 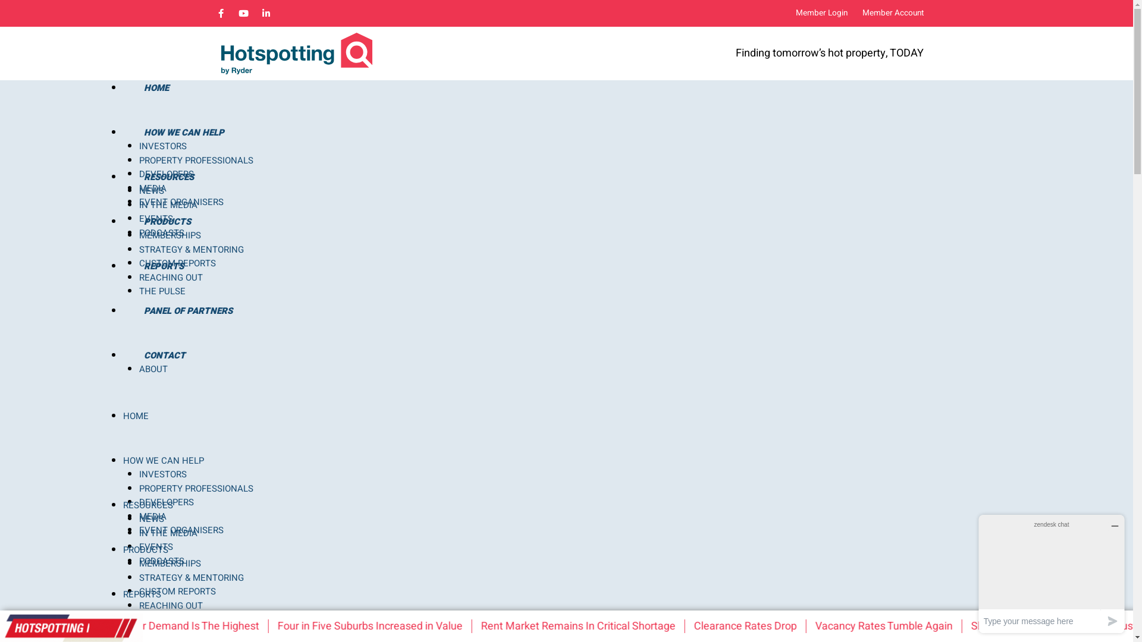 I want to click on 'PODCASTS', so click(x=161, y=233).